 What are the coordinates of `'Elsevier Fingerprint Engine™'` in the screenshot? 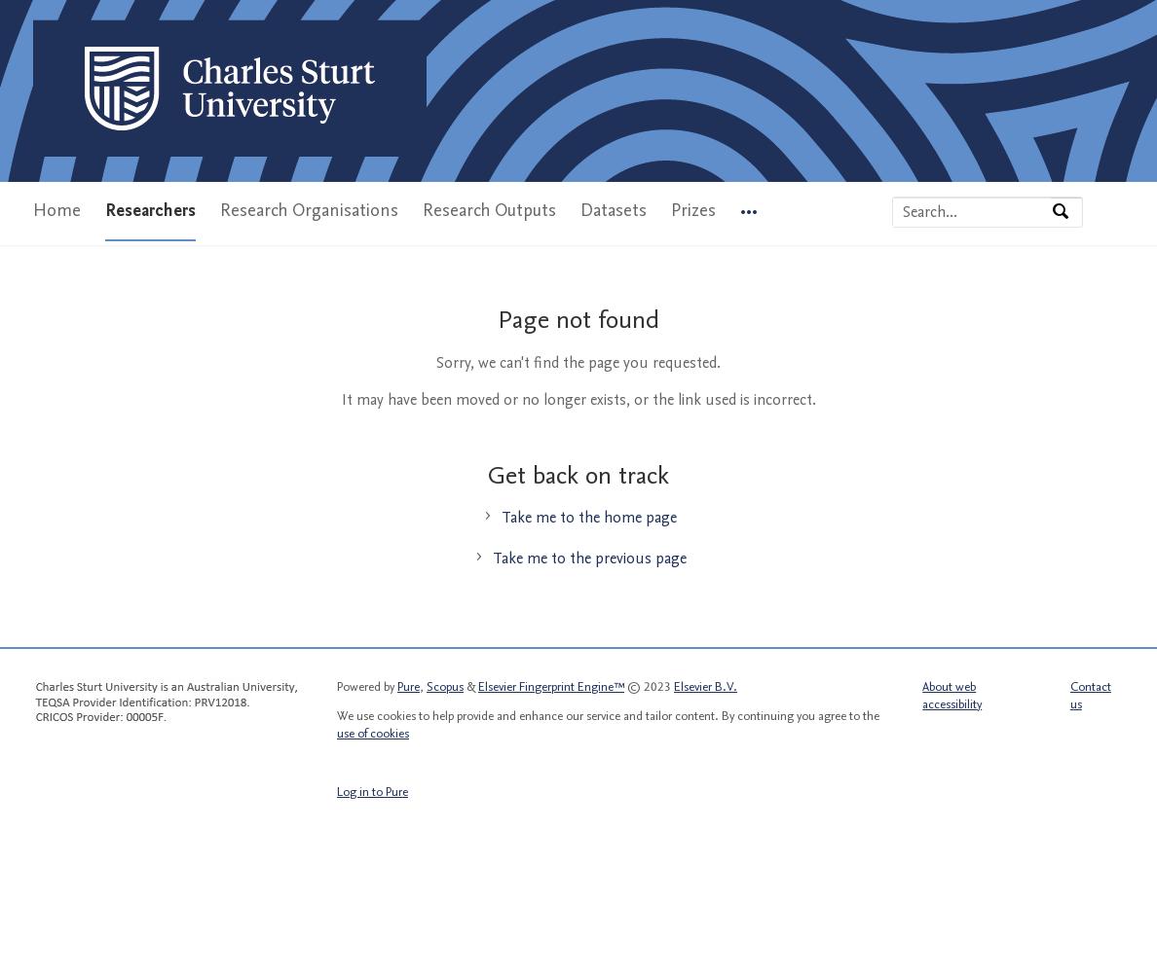 It's located at (478, 685).